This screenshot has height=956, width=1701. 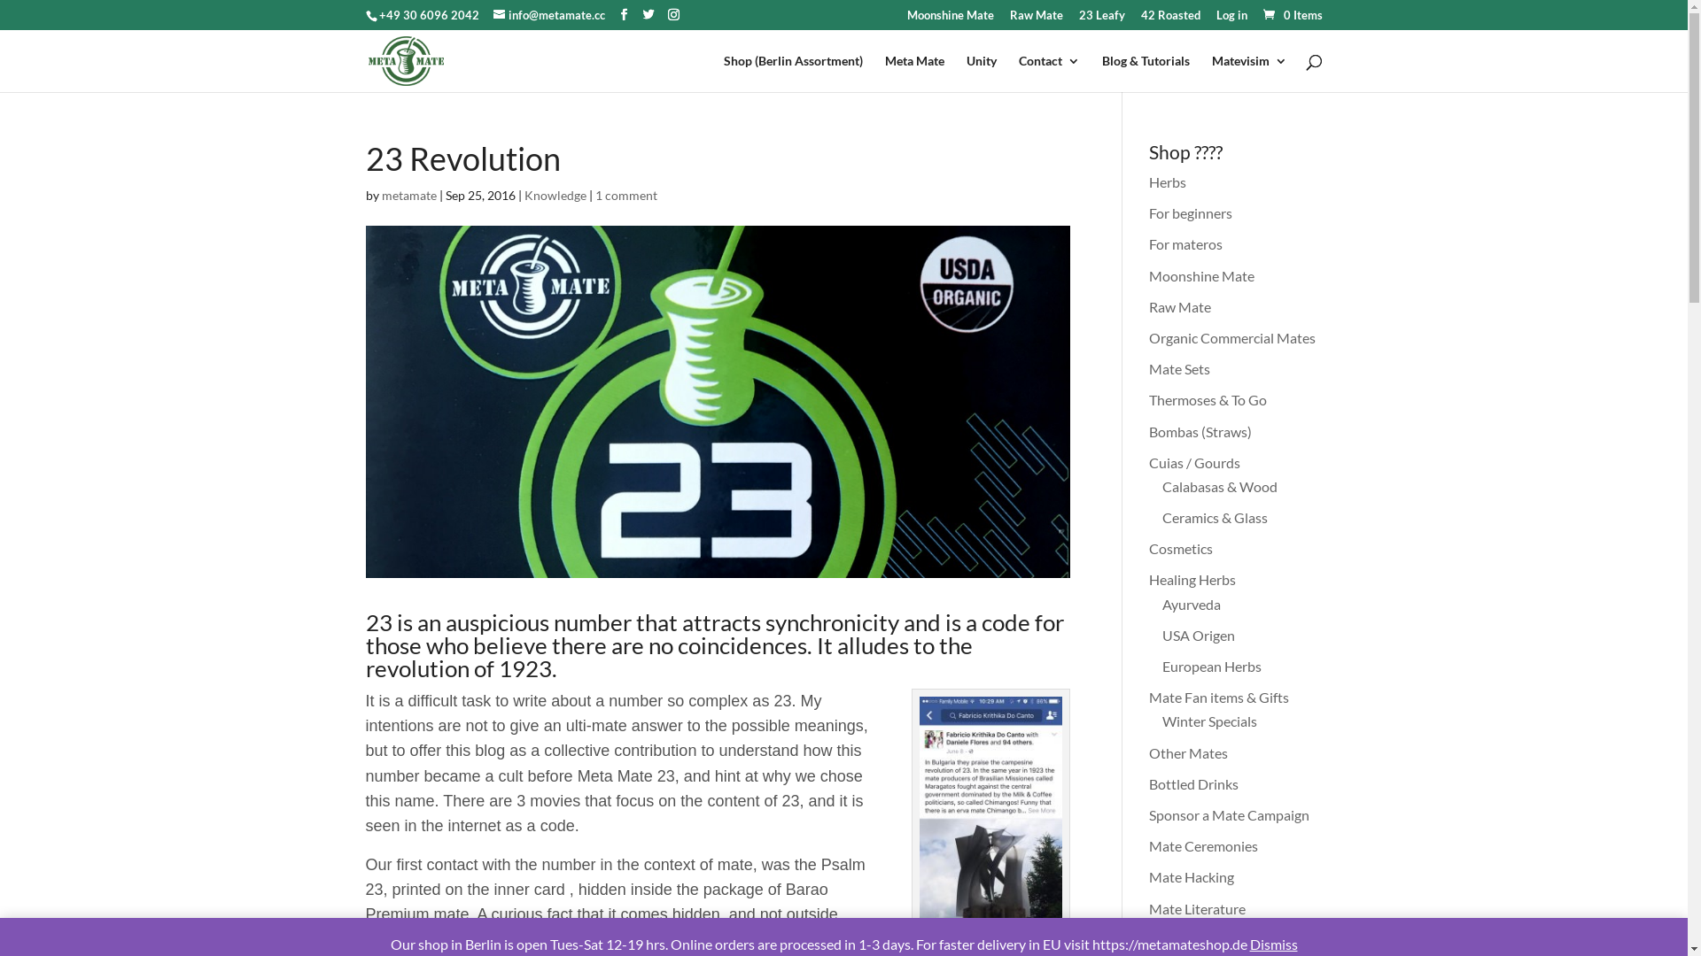 What do you see at coordinates (913, 73) in the screenshot?
I see `'Meta Mate'` at bounding box center [913, 73].